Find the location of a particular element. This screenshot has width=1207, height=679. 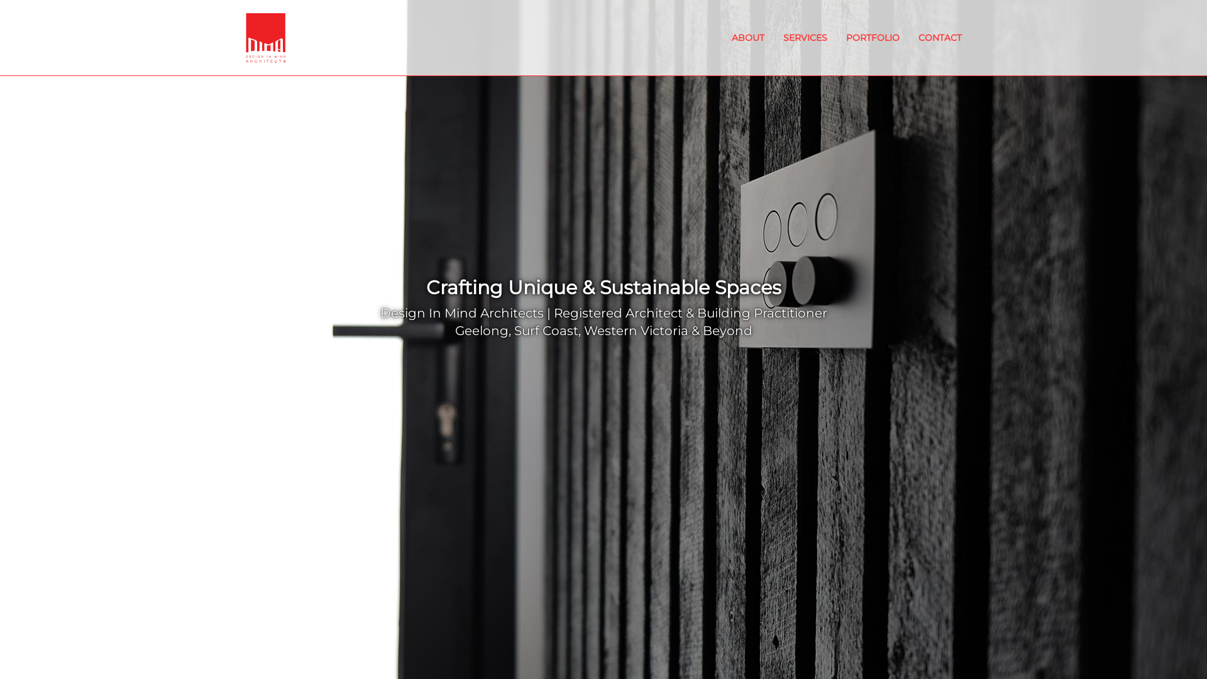

'PORTFOLIO' is located at coordinates (872, 37).